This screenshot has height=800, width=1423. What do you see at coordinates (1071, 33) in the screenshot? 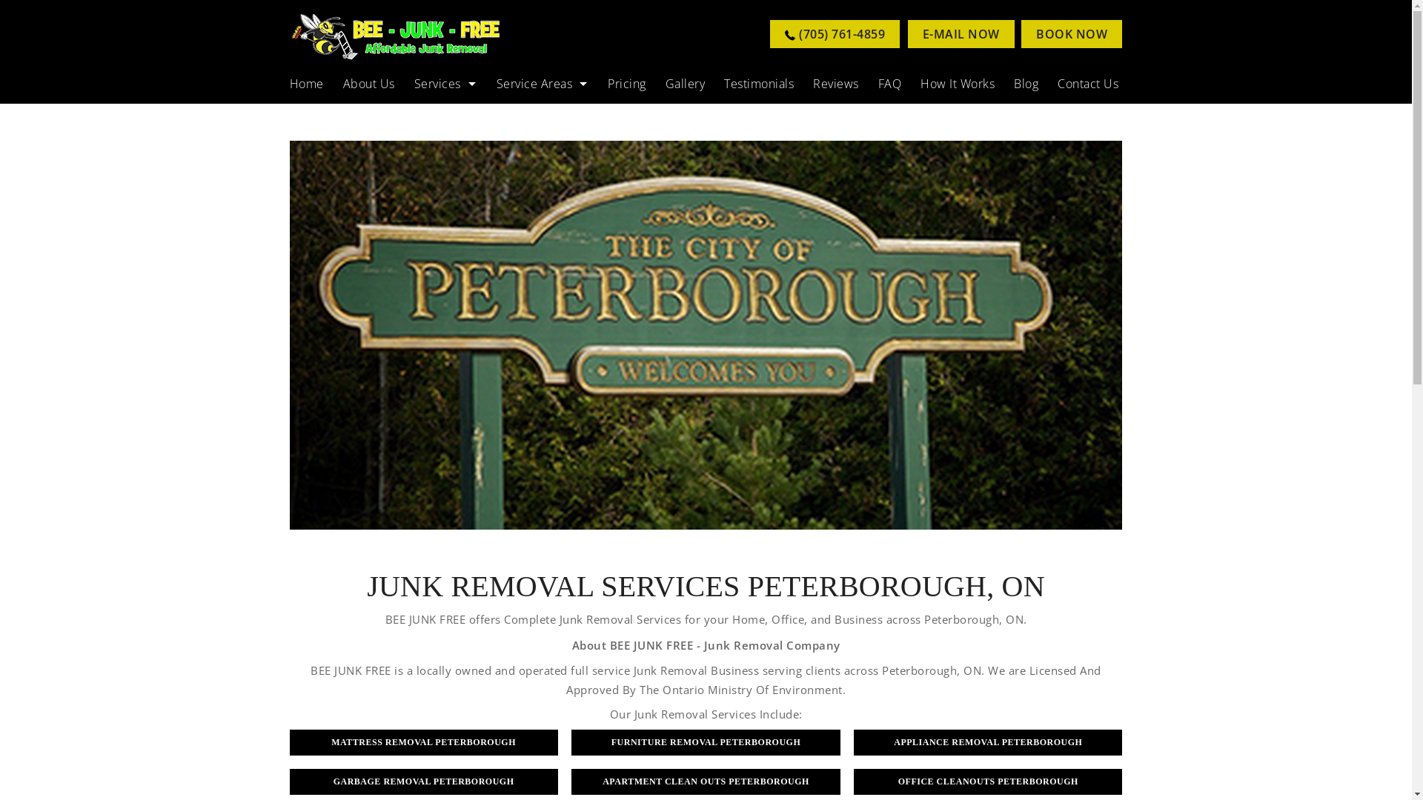
I see `'BOOK NOW'` at bounding box center [1071, 33].